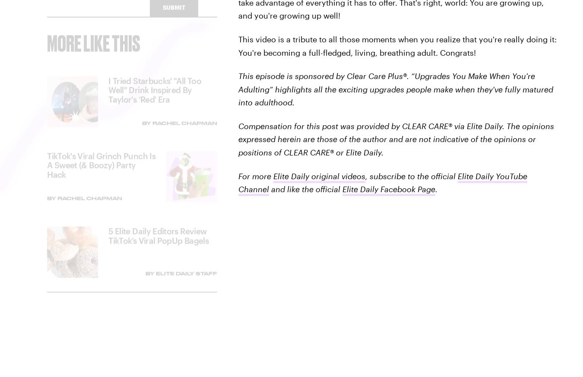  Describe the element at coordinates (158, 242) in the screenshot. I see `'5 Elite Daily Editors Review TikTok’s Viral PopUp Bagels'` at that location.